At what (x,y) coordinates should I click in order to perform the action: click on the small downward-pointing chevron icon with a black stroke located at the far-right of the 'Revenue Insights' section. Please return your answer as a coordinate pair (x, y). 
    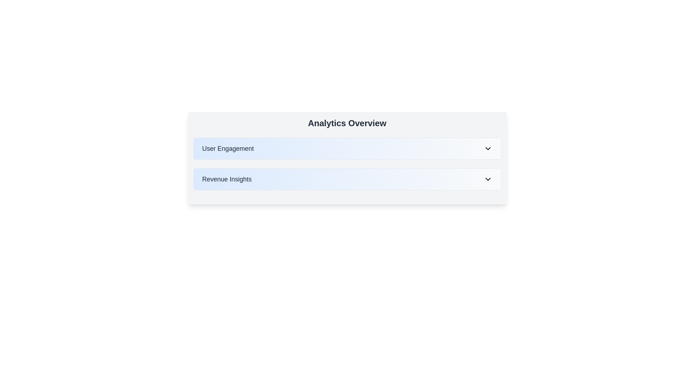
    Looking at the image, I should click on (487, 179).